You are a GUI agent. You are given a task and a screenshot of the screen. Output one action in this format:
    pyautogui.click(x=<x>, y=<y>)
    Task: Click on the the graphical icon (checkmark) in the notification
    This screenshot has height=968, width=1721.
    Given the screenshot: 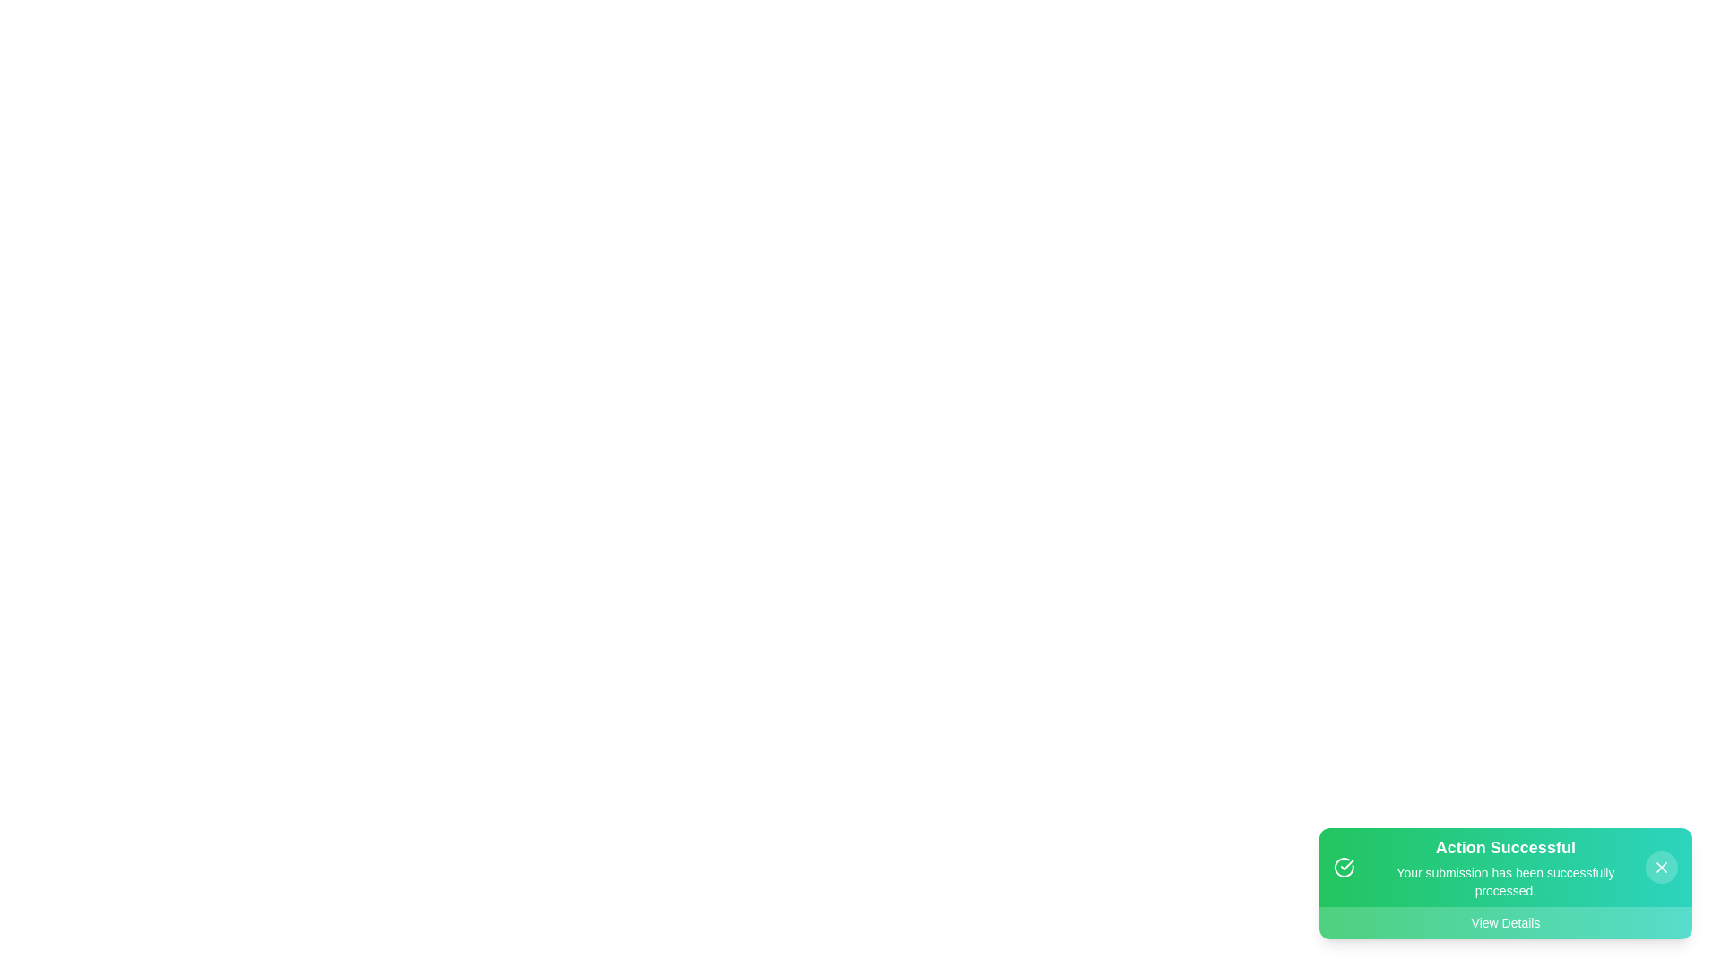 What is the action you would take?
    pyautogui.click(x=1344, y=867)
    